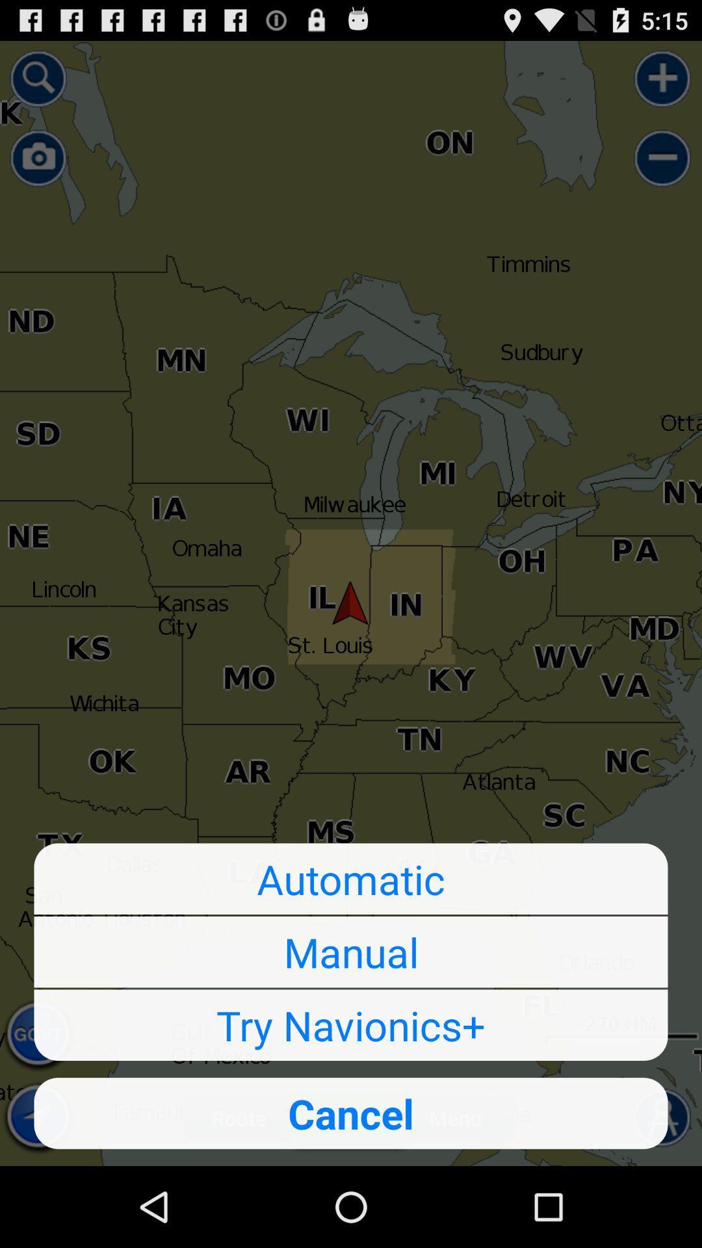 The image size is (702, 1248). What do you see at coordinates (351, 1024) in the screenshot?
I see `the try navionics+ icon` at bounding box center [351, 1024].